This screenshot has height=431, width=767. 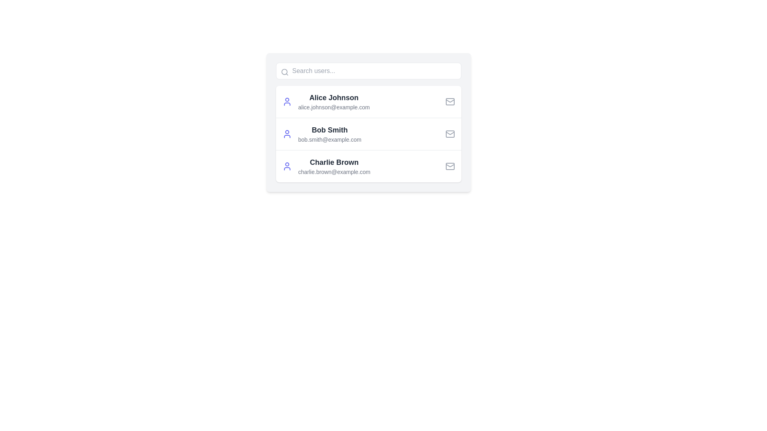 I want to click on the Composite text block containing the bold title 'Bob Smith' and the email address 'bob.smith@example.com', so click(x=330, y=133).